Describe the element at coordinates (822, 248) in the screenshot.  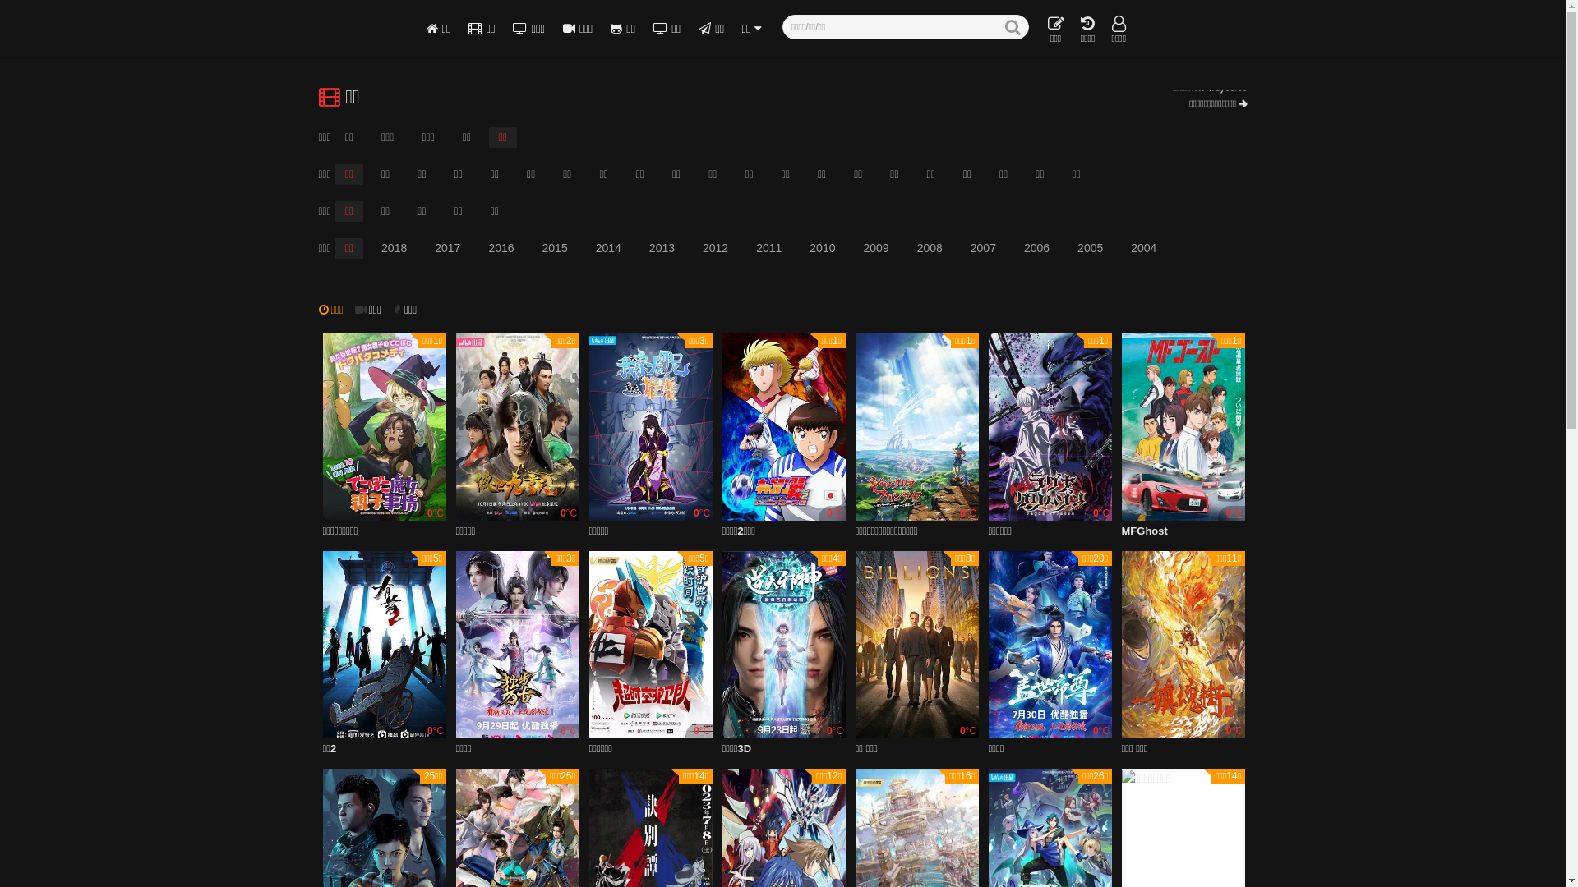
I see `'2010'` at that location.